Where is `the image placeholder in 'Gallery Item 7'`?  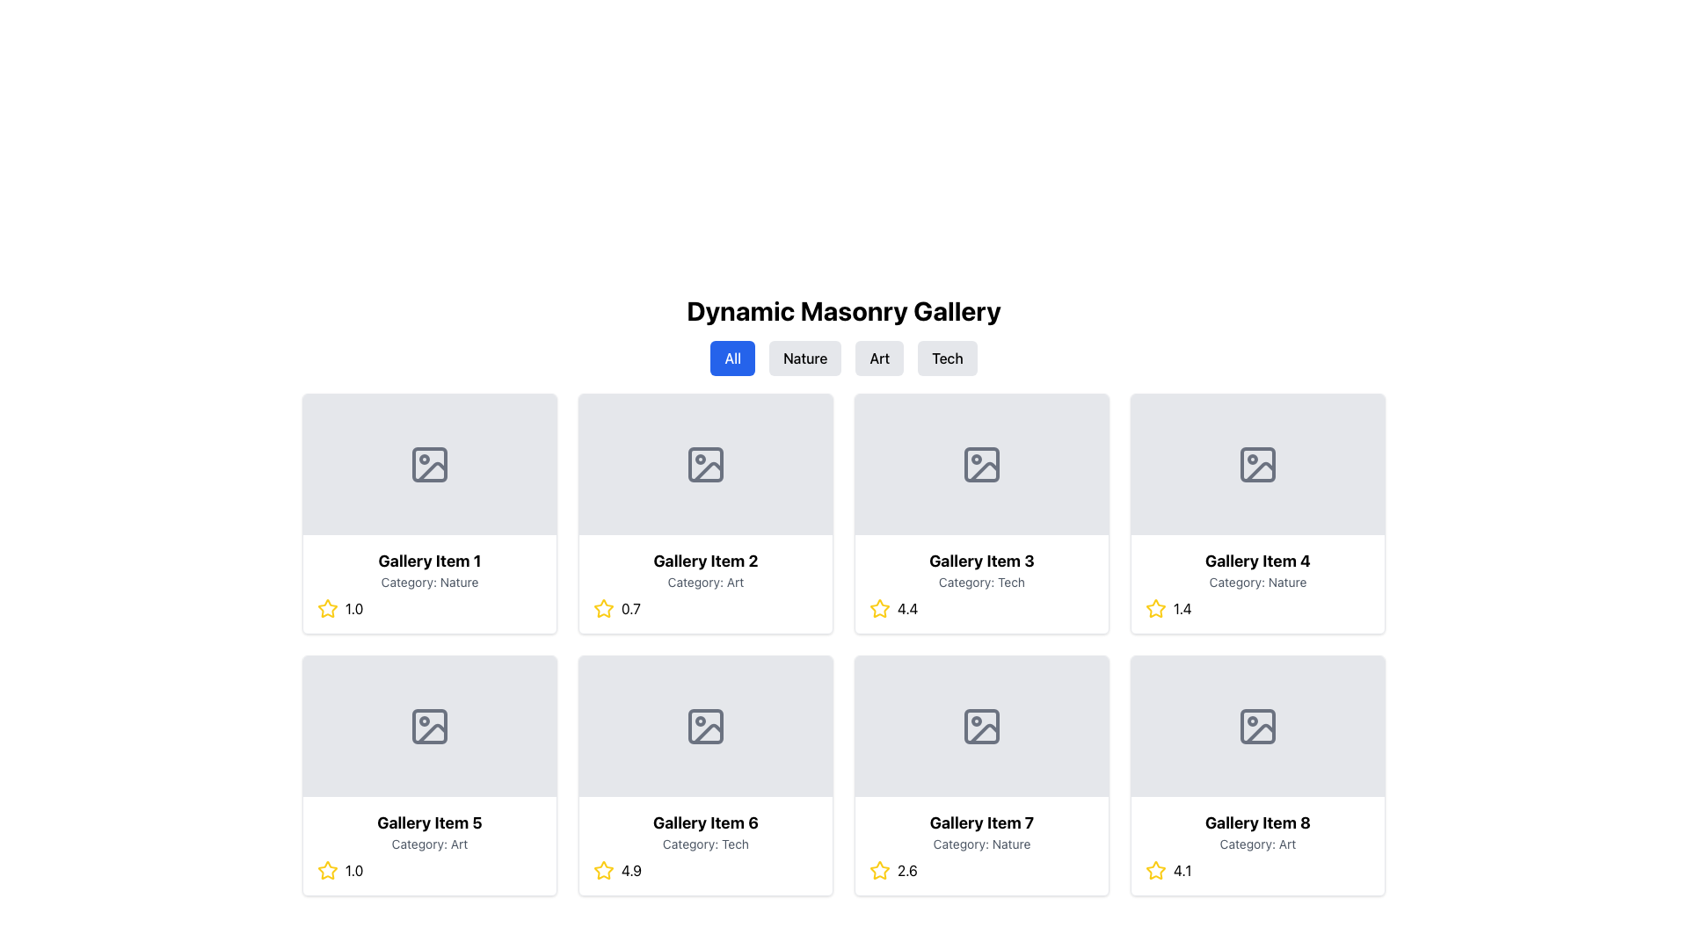
the image placeholder in 'Gallery Item 7' is located at coordinates (981, 726).